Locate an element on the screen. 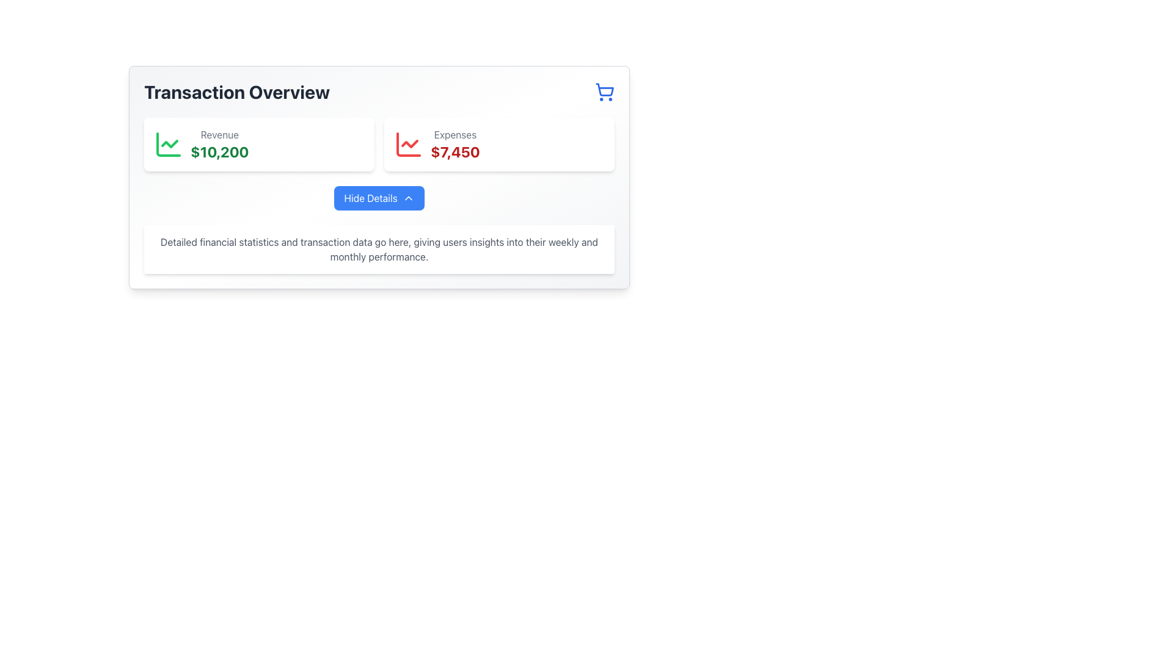 The height and width of the screenshot is (659, 1173). the revenue growth icon located in the revenue section of the 'Transaction Overview' card, positioned to the left of the '$10,200' text and above the 'Revenue' label is located at coordinates (169, 143).